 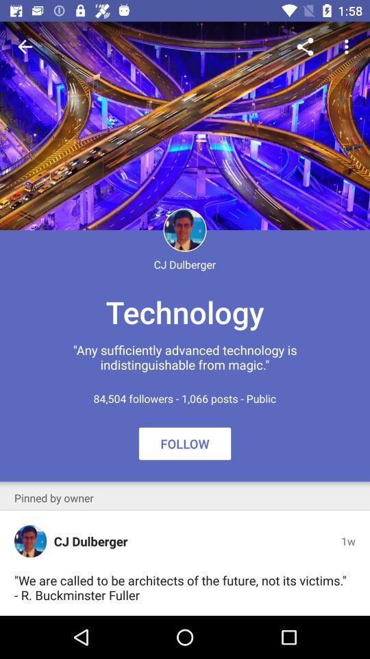 What do you see at coordinates (348, 47) in the screenshot?
I see `the icon above technology icon` at bounding box center [348, 47].